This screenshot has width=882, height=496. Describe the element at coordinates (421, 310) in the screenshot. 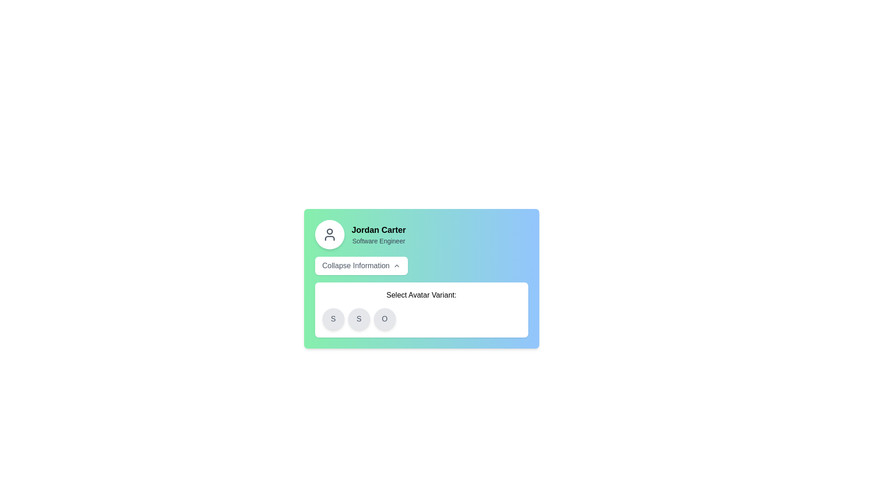

I see `the selectable avatar icons located in the lower part of the card underneath the 'Collapse Information' button` at that location.